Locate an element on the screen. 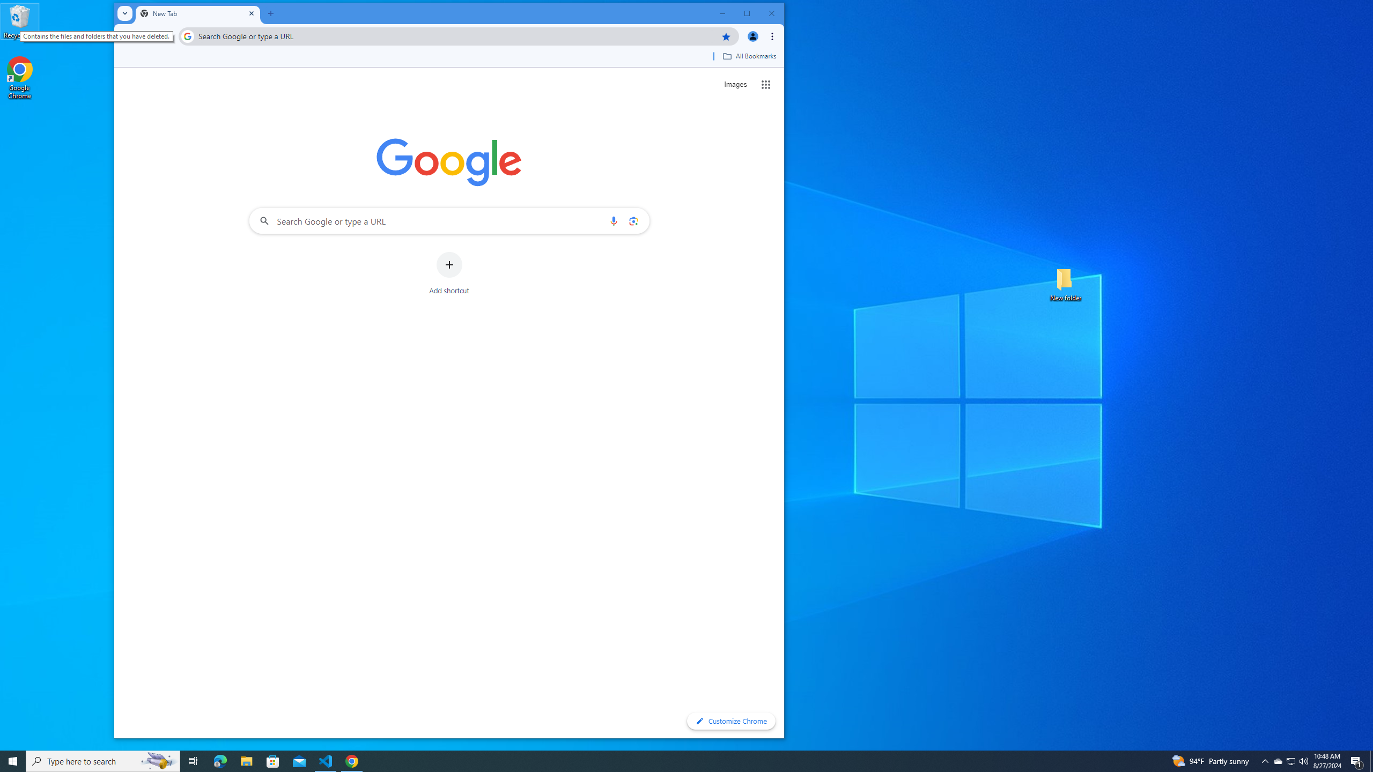 The width and height of the screenshot is (1373, 772). 'New folder' is located at coordinates (1065, 283).